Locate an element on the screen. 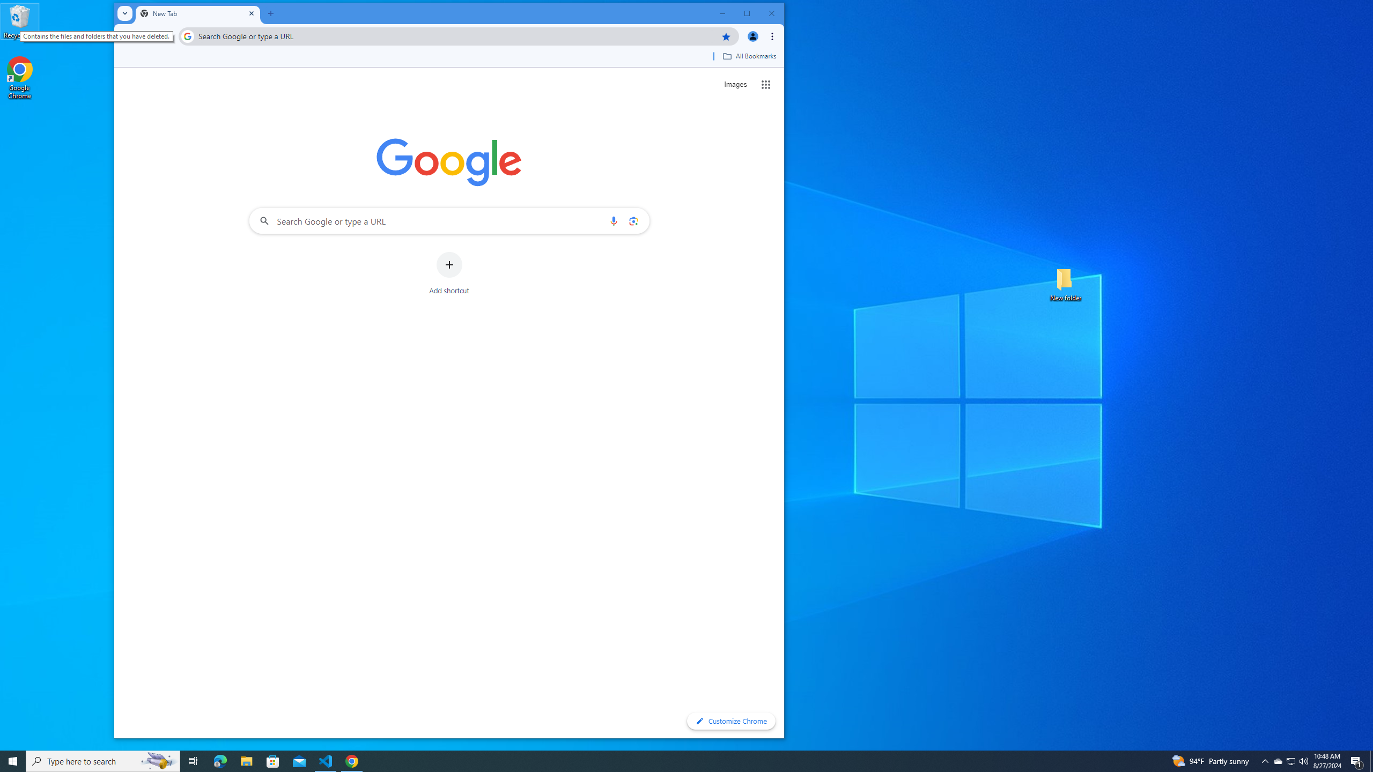 The width and height of the screenshot is (1373, 772). 'New folder' is located at coordinates (1065, 283).